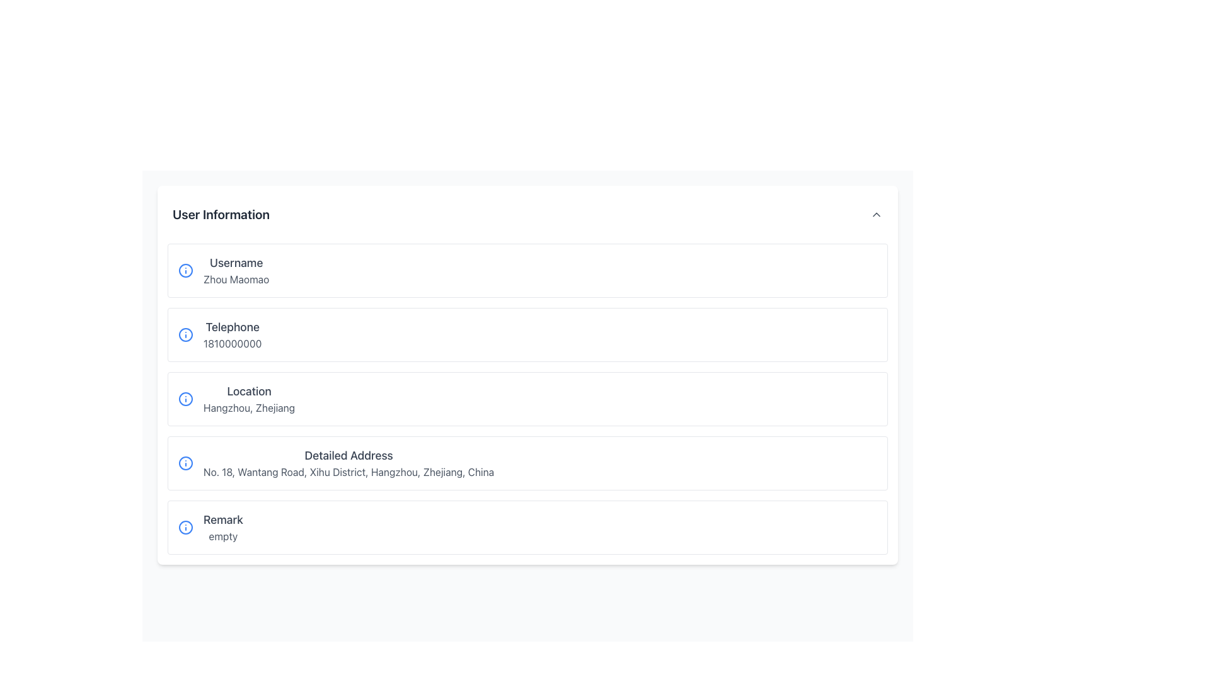 The height and width of the screenshot is (680, 1210). I want to click on the Text Display element that shows 'Location' in bold and 'Hangzhou, Zhejiang' below it, which is the third entry under the 'User Information' section, so click(249, 399).